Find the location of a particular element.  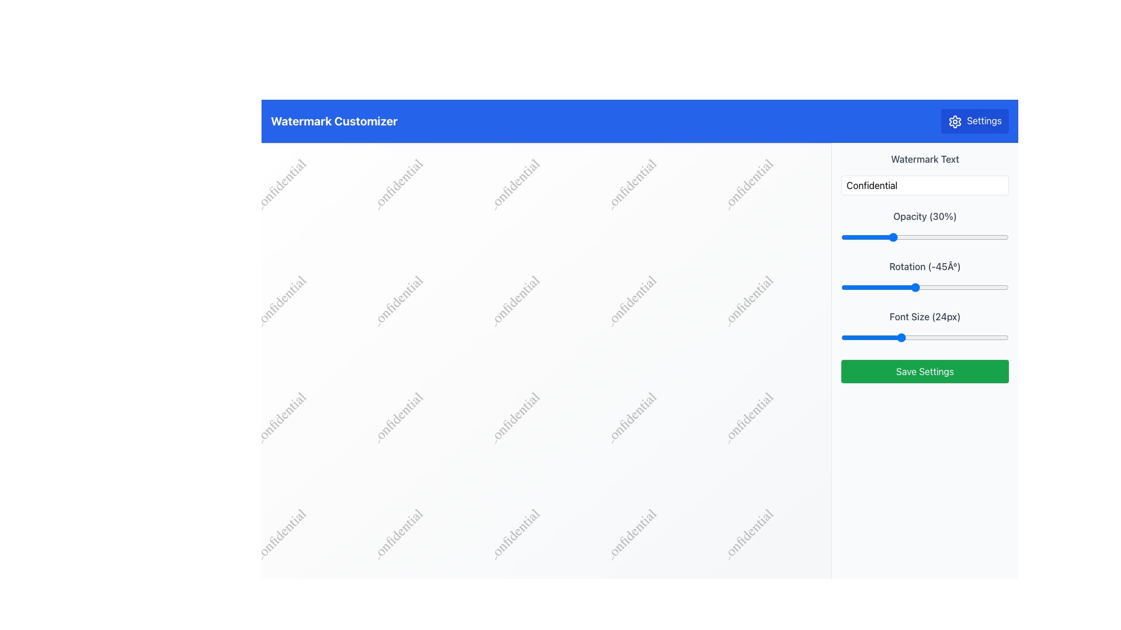

the font size slider is located at coordinates (879, 337).